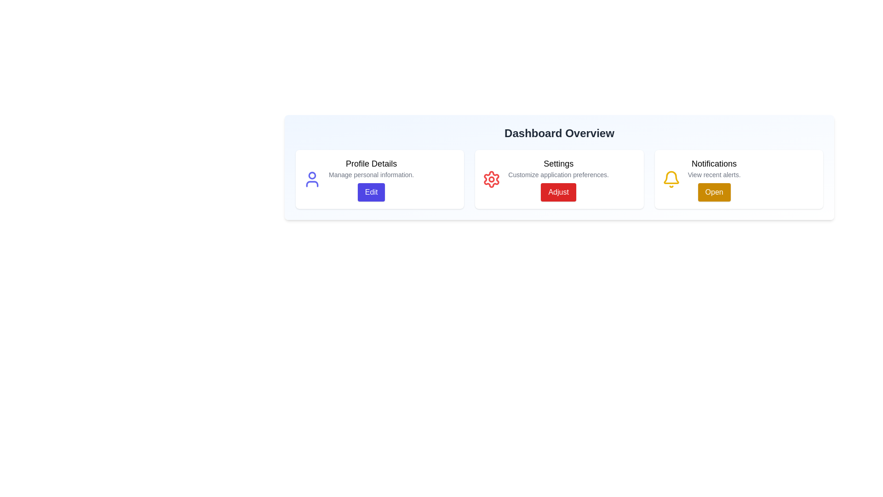 The width and height of the screenshot is (883, 497). Describe the element at coordinates (714, 175) in the screenshot. I see `the descriptive text element located in the 'Notifications' section, which suggests viewing recent alerts, situated between the title 'Notifications' and the yellow button labeled 'Open'` at that location.